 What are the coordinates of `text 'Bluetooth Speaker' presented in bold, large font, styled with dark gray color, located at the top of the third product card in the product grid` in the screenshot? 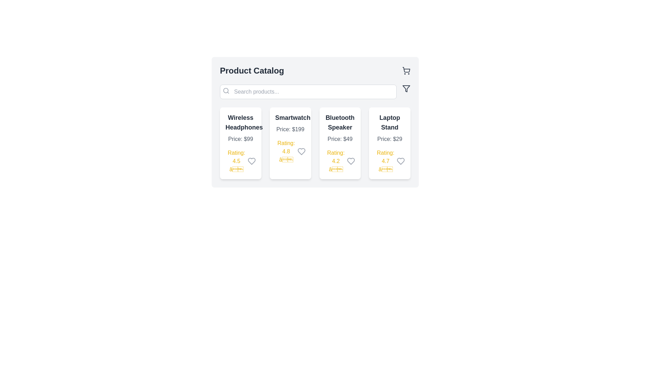 It's located at (340, 122).